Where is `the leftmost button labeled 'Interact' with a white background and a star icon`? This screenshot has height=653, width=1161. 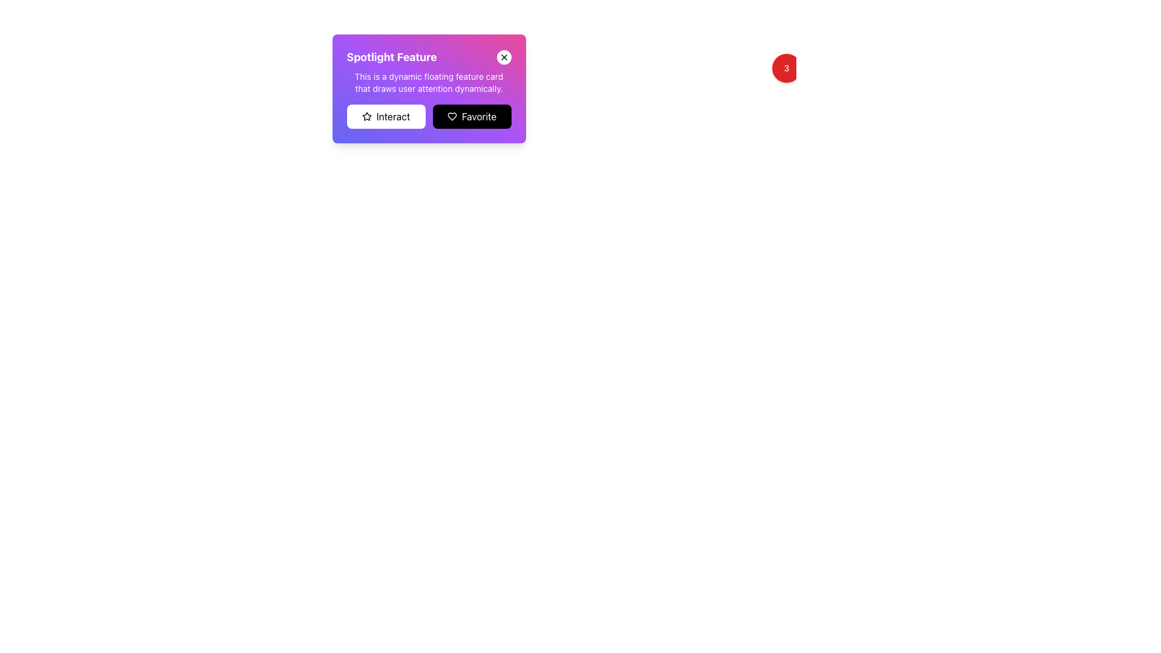
the leftmost button labeled 'Interact' with a white background and a star icon is located at coordinates (385, 116).